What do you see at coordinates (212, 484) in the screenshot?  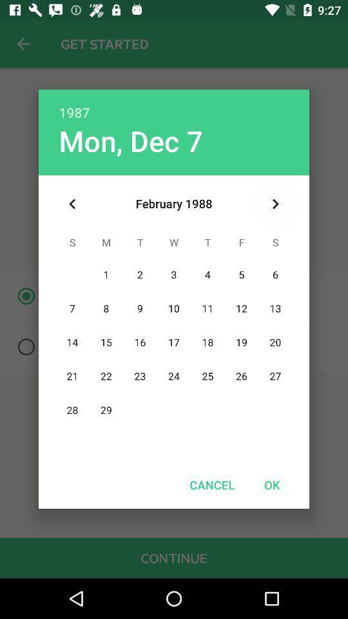 I see `the item to the left of the ok` at bounding box center [212, 484].